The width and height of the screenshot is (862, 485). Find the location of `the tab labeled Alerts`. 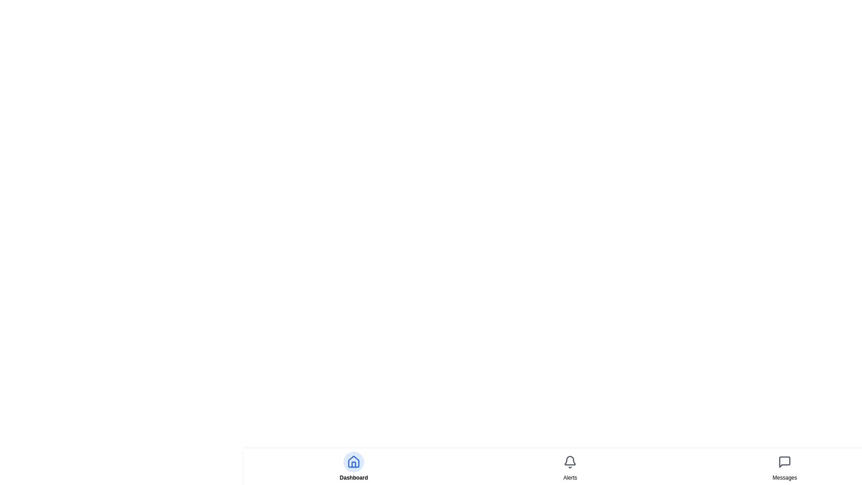

the tab labeled Alerts is located at coordinates (570, 477).